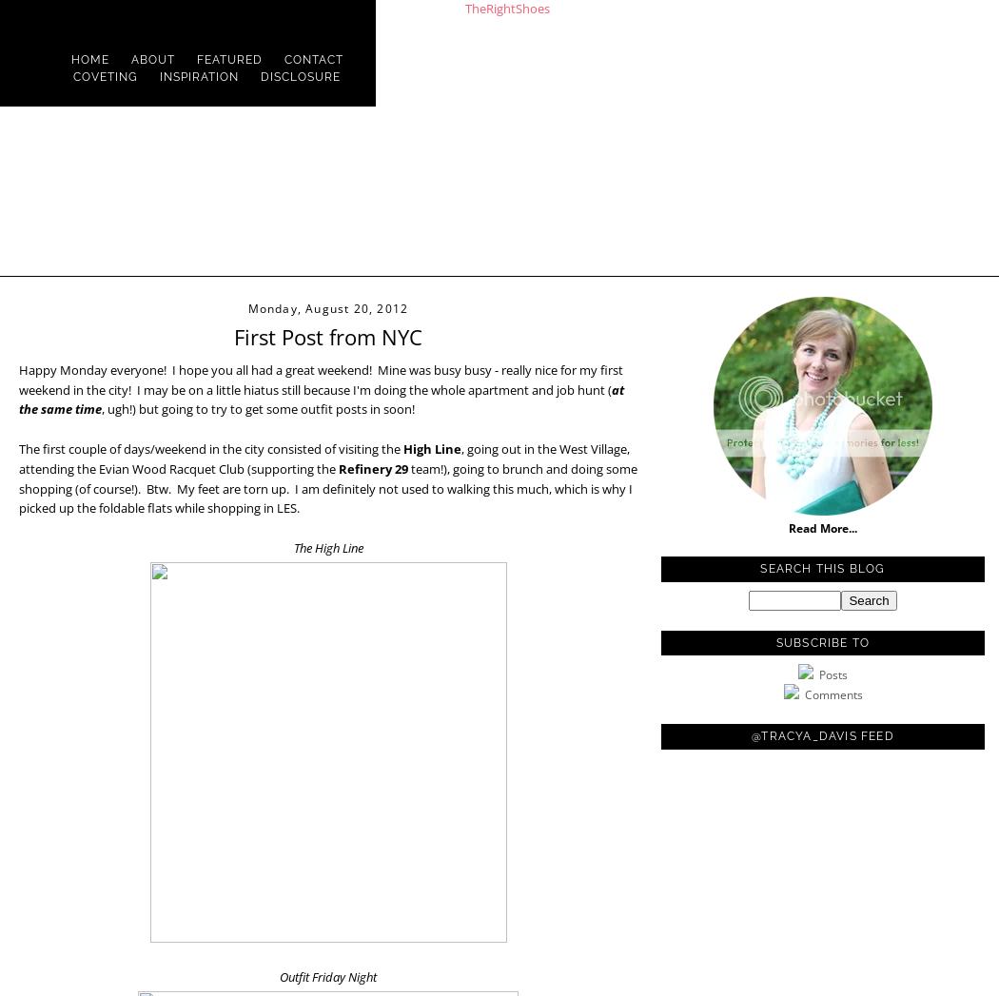  I want to click on 'The High Line', so click(326, 546).